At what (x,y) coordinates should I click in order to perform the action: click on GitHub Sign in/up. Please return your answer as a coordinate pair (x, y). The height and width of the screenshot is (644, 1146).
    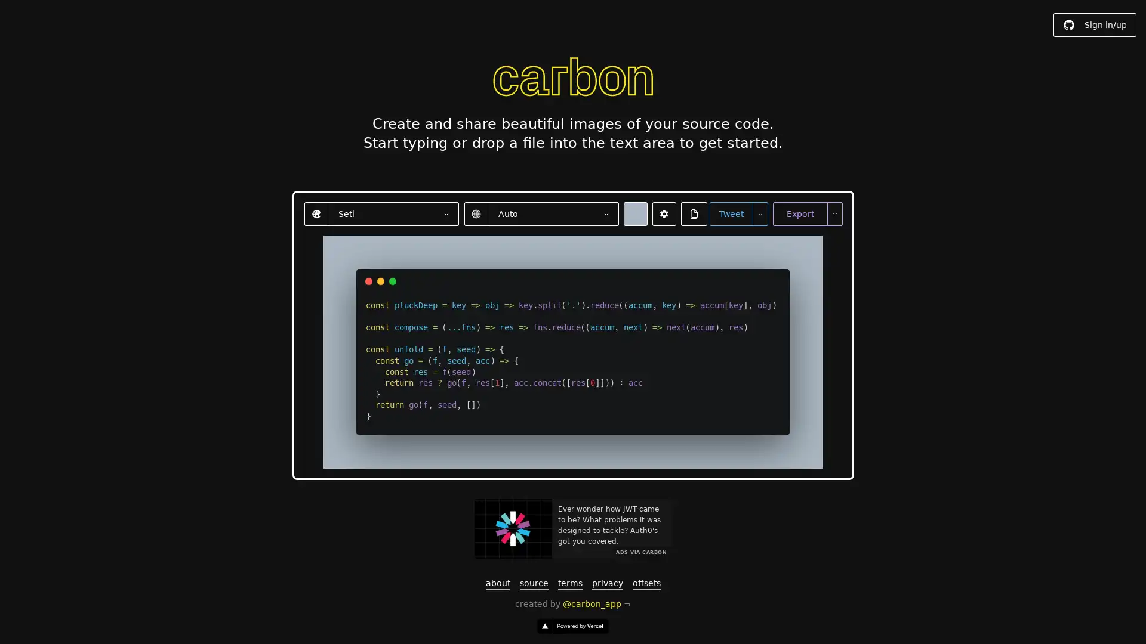
    Looking at the image, I should click on (1095, 25).